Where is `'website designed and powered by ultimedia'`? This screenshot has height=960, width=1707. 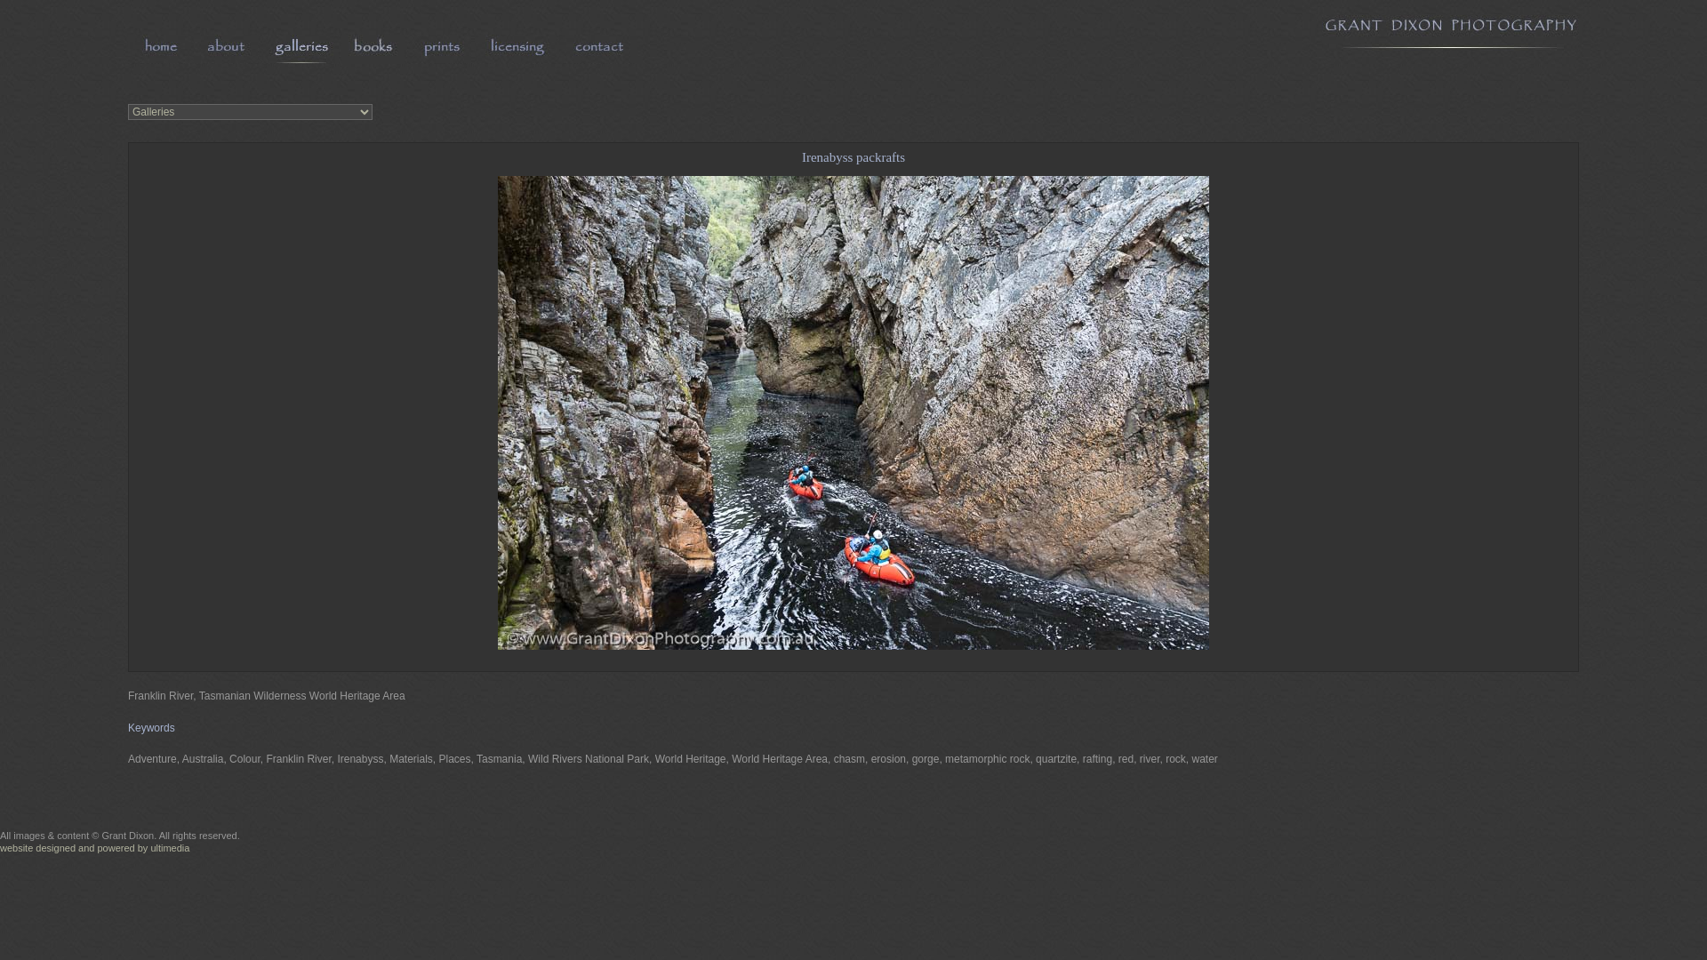
'website designed and powered by ultimedia' is located at coordinates (93, 846).